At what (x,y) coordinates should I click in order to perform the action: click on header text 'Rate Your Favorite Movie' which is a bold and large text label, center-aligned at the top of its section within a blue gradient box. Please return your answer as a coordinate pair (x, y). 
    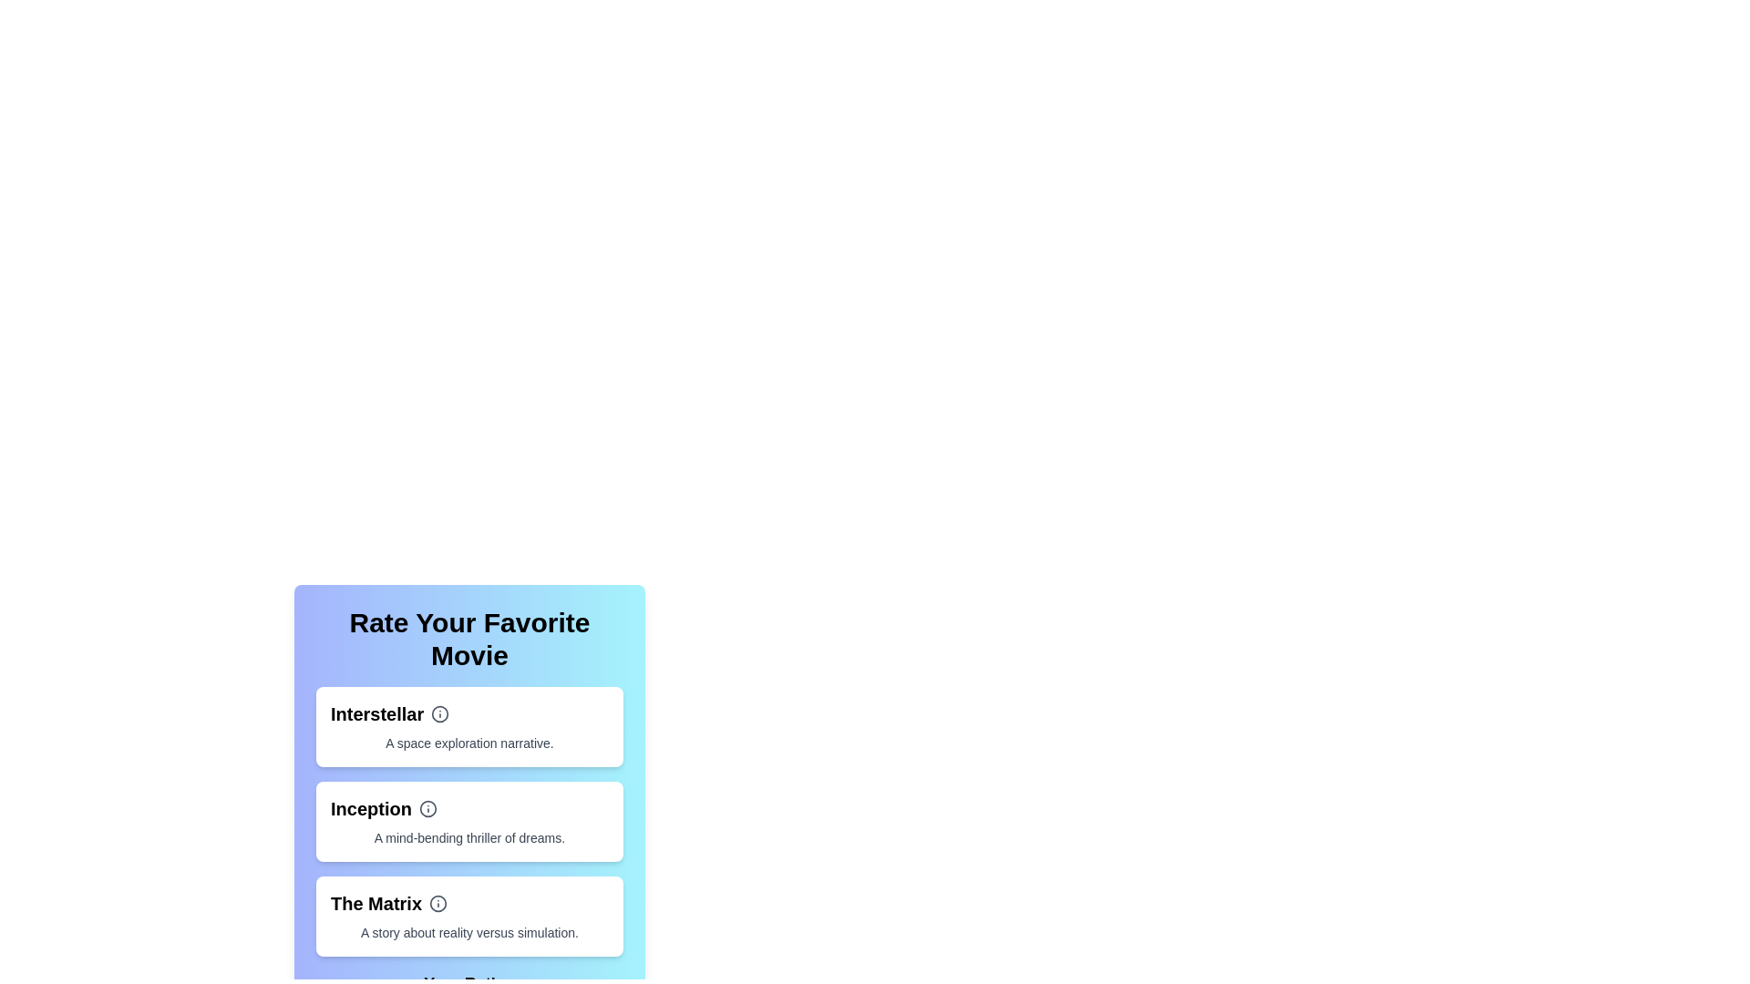
    Looking at the image, I should click on (469, 639).